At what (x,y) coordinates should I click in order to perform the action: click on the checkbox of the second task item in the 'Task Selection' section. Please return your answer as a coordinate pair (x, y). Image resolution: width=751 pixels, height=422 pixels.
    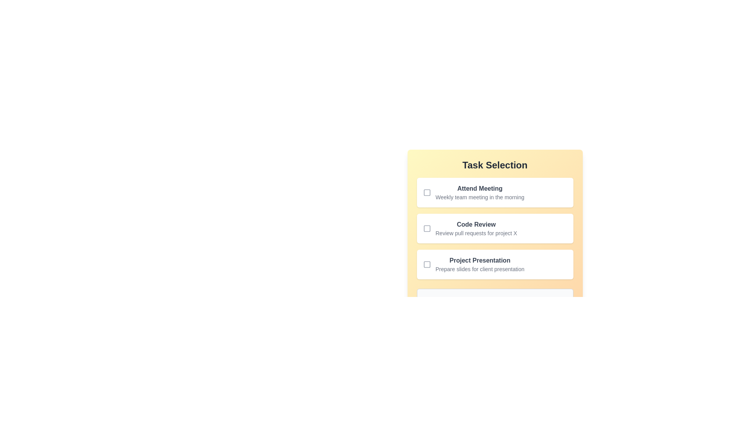
    Looking at the image, I should click on (494, 229).